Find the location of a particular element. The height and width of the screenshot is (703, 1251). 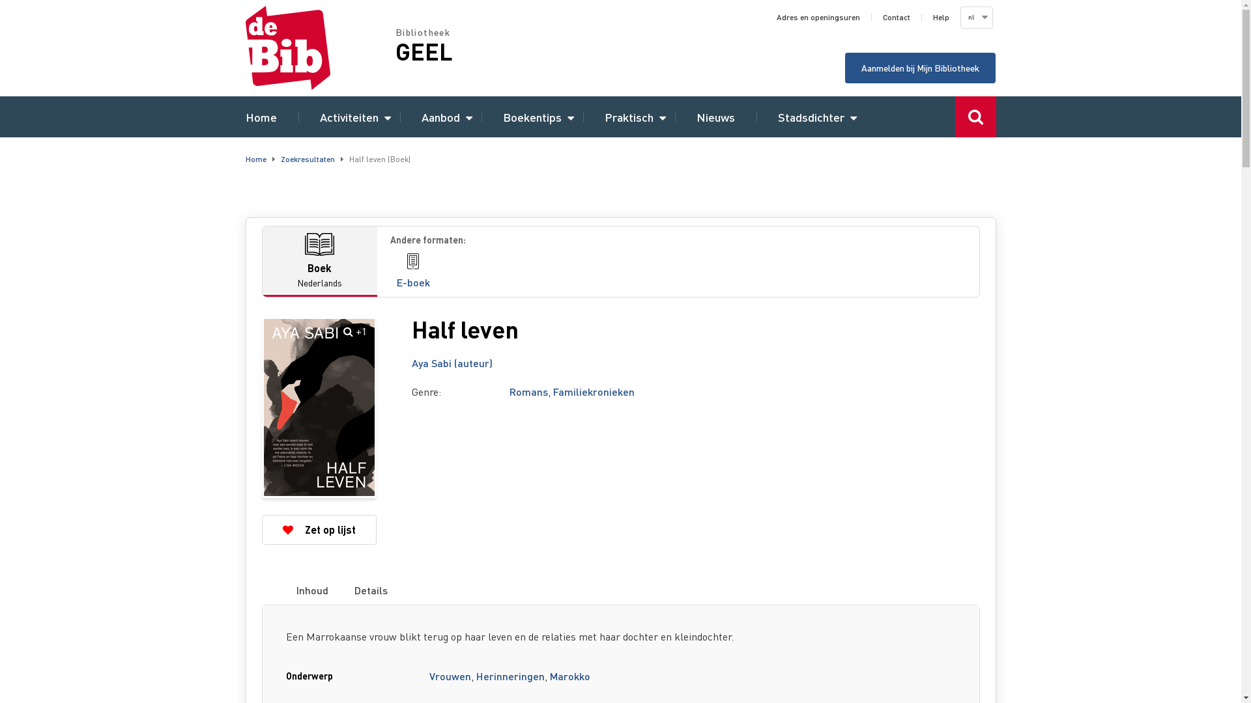

'Zoekresultaten' is located at coordinates (306, 158).